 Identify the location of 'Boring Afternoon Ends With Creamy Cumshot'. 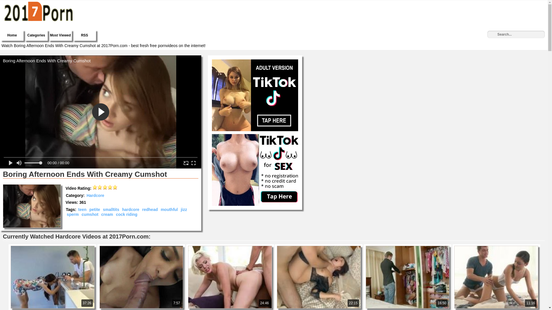
(3, 206).